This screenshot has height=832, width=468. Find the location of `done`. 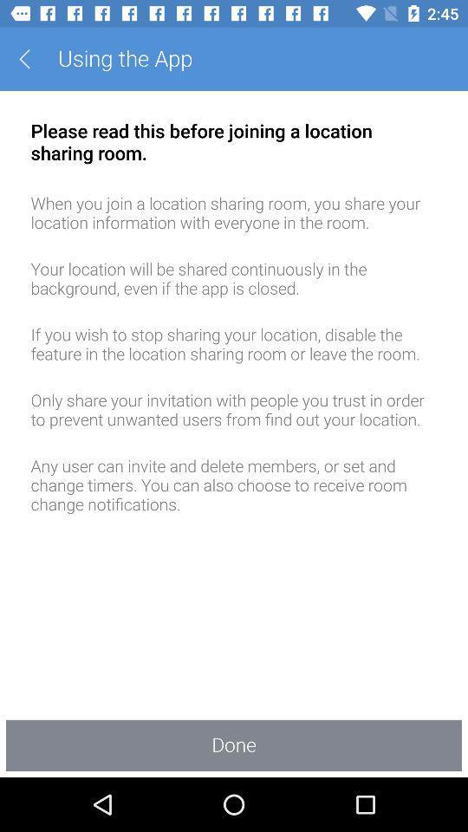

done is located at coordinates (234, 744).